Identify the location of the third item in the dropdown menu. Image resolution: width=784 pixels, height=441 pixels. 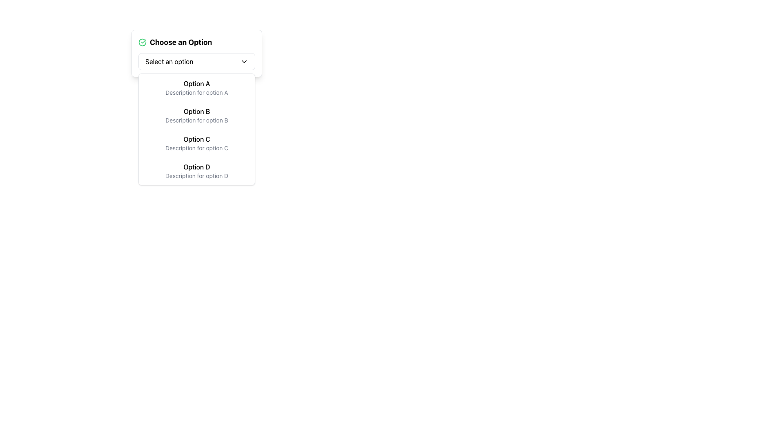
(196, 143).